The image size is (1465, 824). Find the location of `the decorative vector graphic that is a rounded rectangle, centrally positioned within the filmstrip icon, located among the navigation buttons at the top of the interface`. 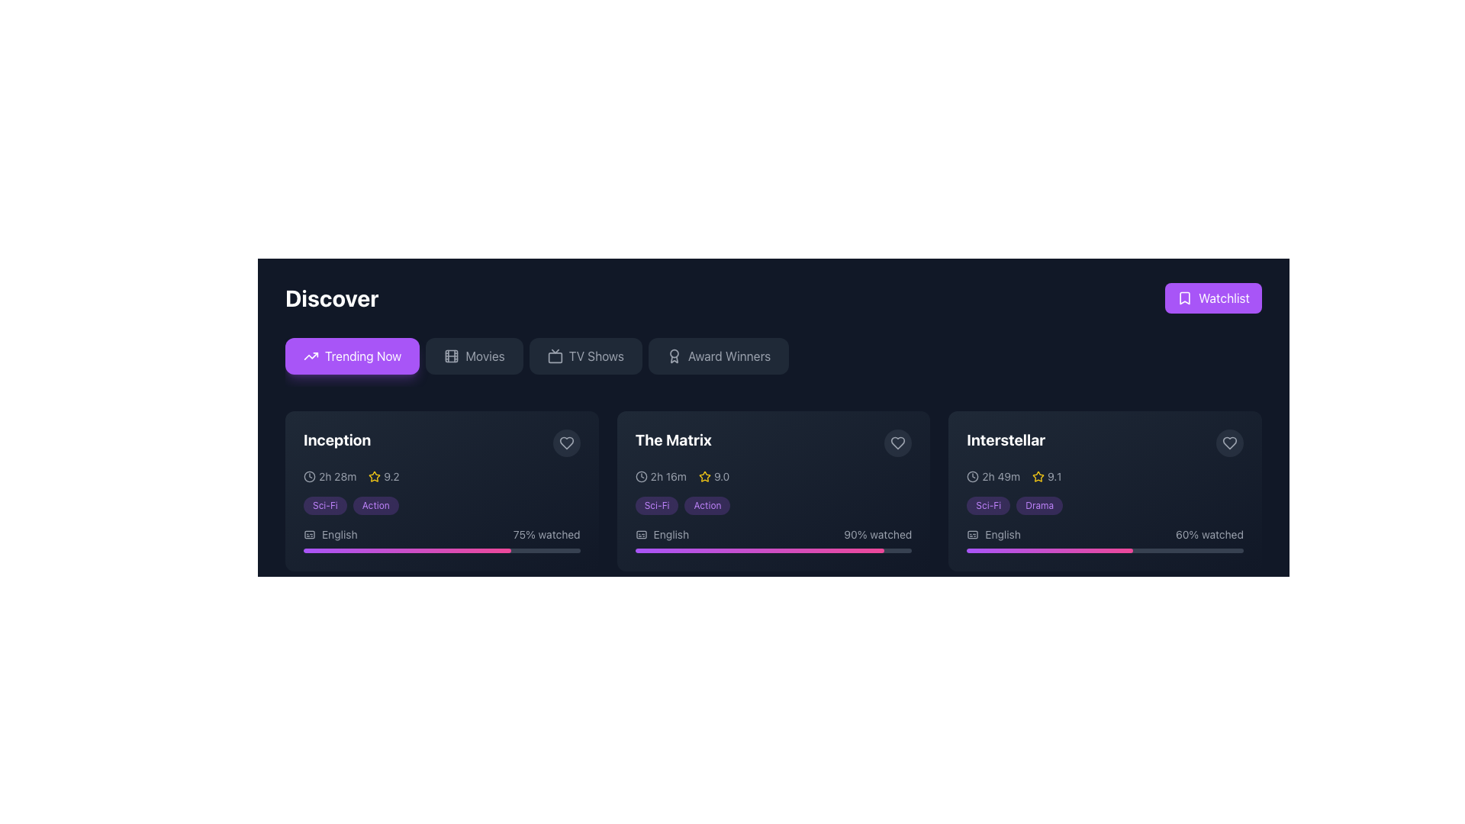

the decorative vector graphic that is a rounded rectangle, centrally positioned within the filmstrip icon, located among the navigation buttons at the top of the interface is located at coordinates (451, 356).